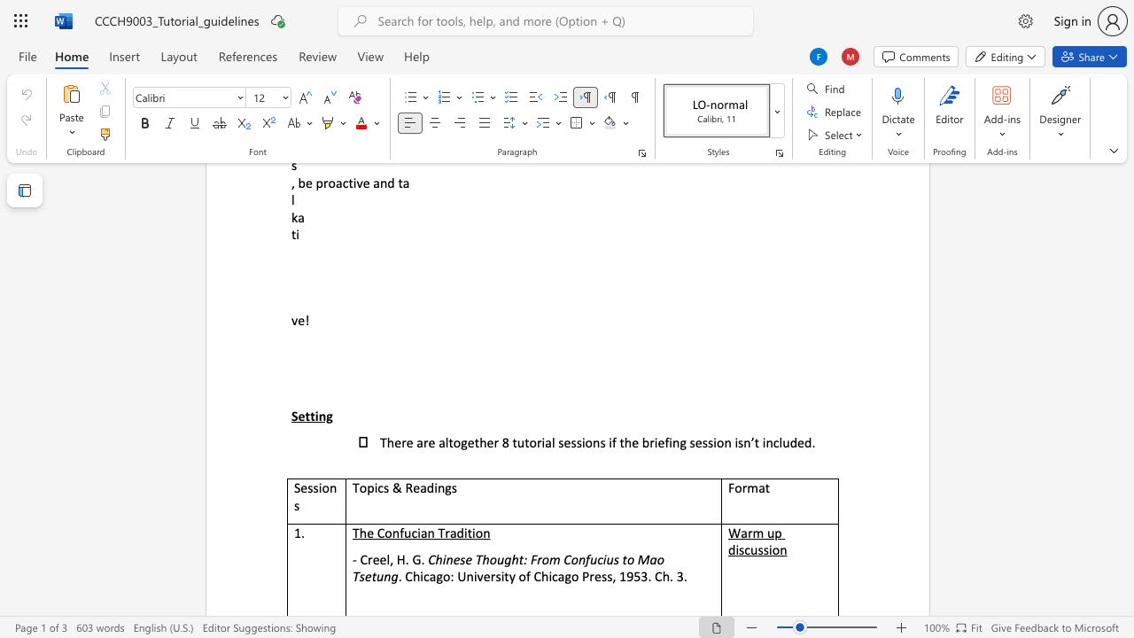 The width and height of the screenshot is (1134, 638). What do you see at coordinates (441, 487) in the screenshot?
I see `the 1th character "n" in the text` at bounding box center [441, 487].